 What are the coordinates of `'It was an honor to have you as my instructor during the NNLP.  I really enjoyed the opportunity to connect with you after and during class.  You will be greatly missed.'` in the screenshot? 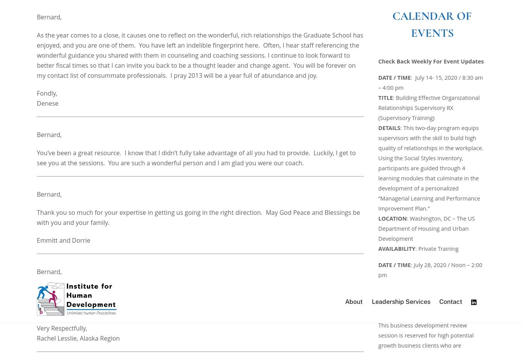 It's located at (36, 44).